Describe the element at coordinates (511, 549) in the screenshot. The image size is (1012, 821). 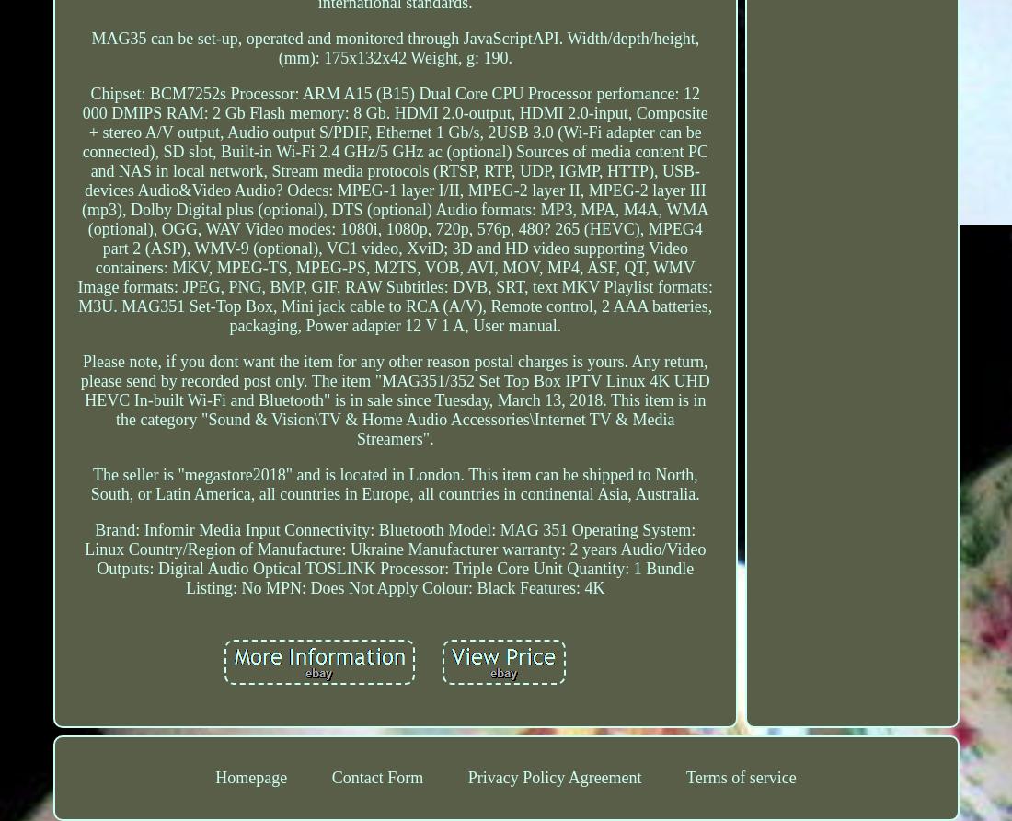
I see `'Manufacturer warranty: 2 years'` at that location.